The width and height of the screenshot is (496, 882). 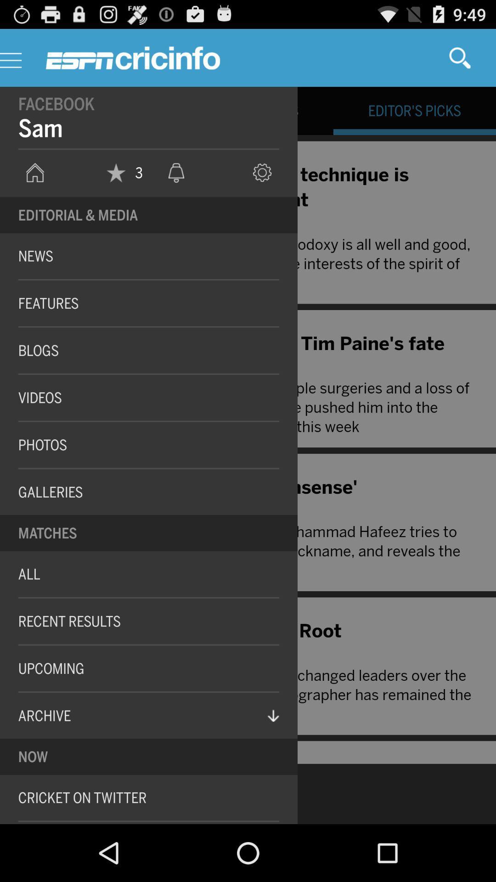 I want to click on the notifications icon, so click(x=176, y=185).